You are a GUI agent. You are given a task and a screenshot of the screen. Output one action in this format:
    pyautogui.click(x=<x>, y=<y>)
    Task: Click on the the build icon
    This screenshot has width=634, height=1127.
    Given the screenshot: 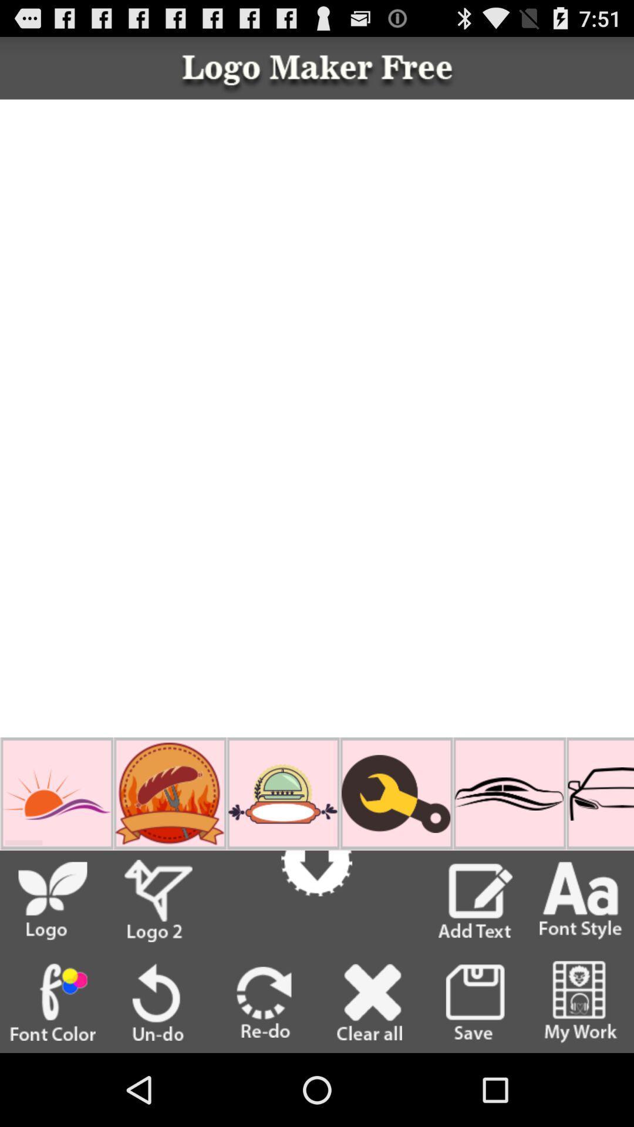 What is the action you would take?
    pyautogui.click(x=396, y=849)
    